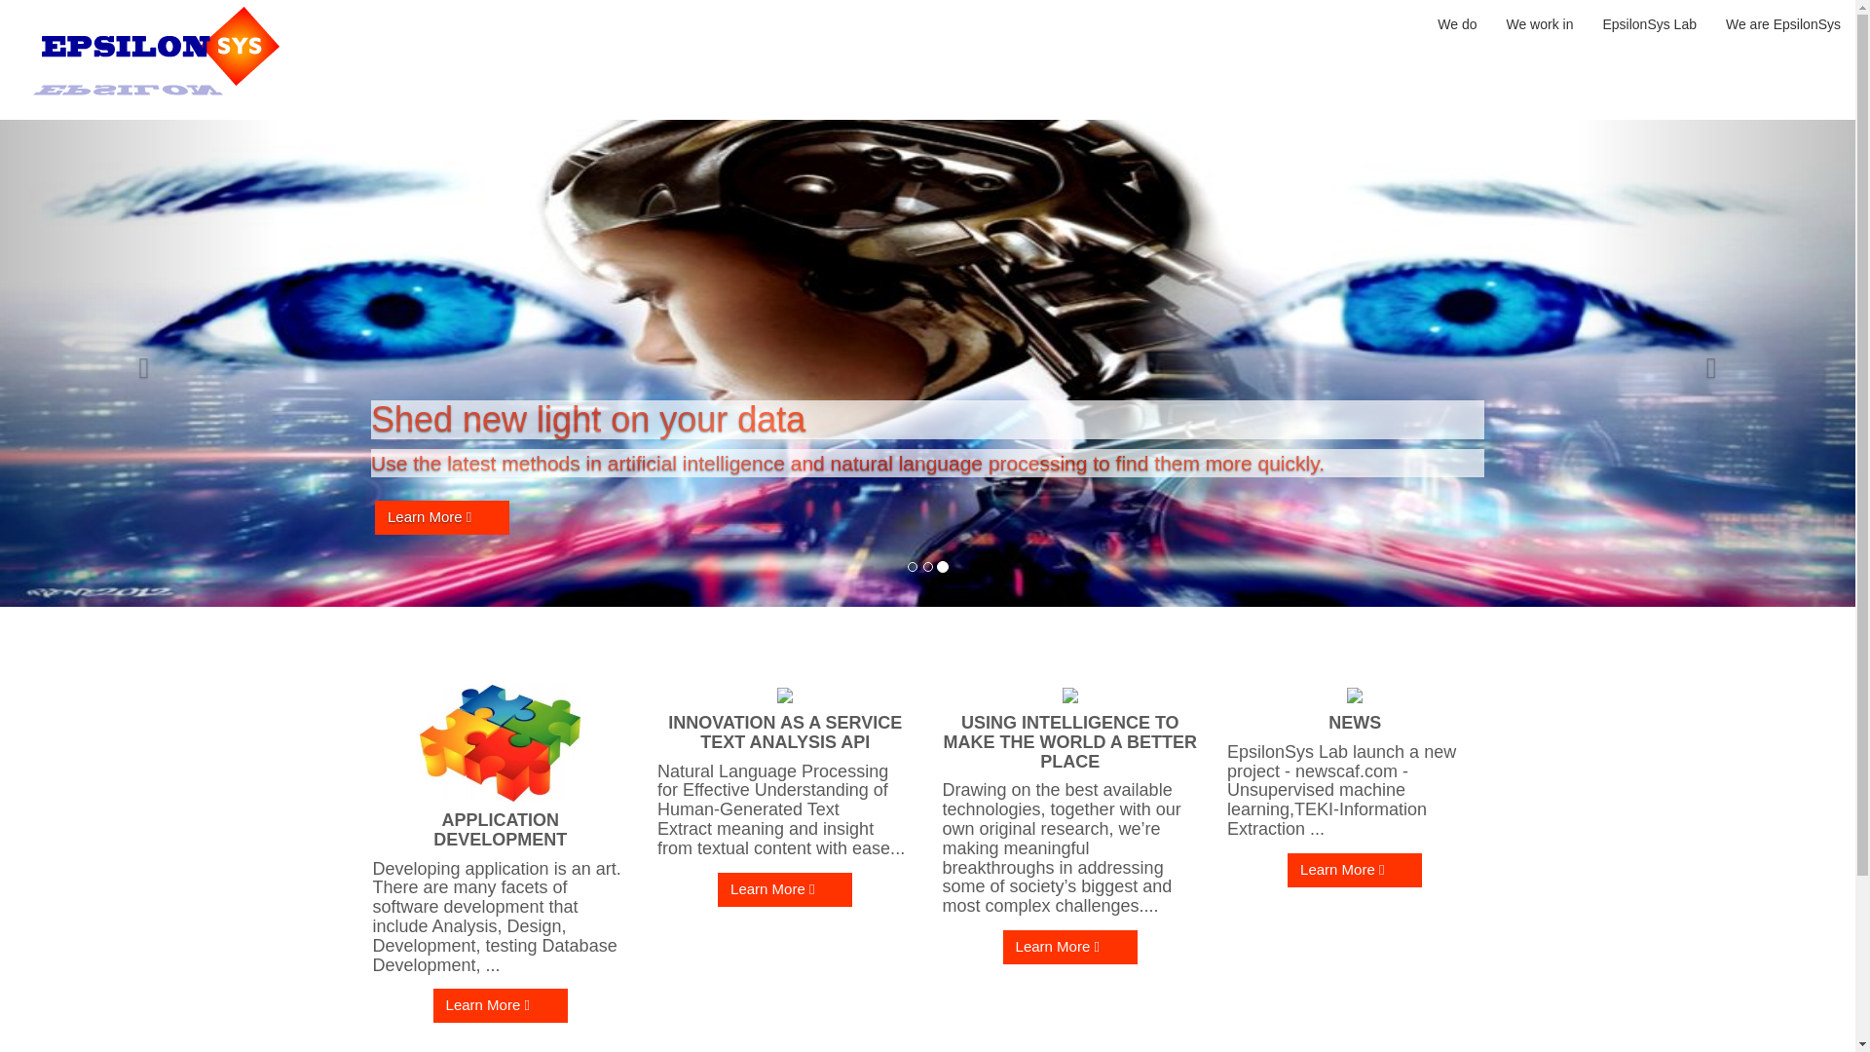 This screenshot has width=1870, height=1052. What do you see at coordinates (1709, 23) in the screenshot?
I see `'We are EpsilonSys'` at bounding box center [1709, 23].